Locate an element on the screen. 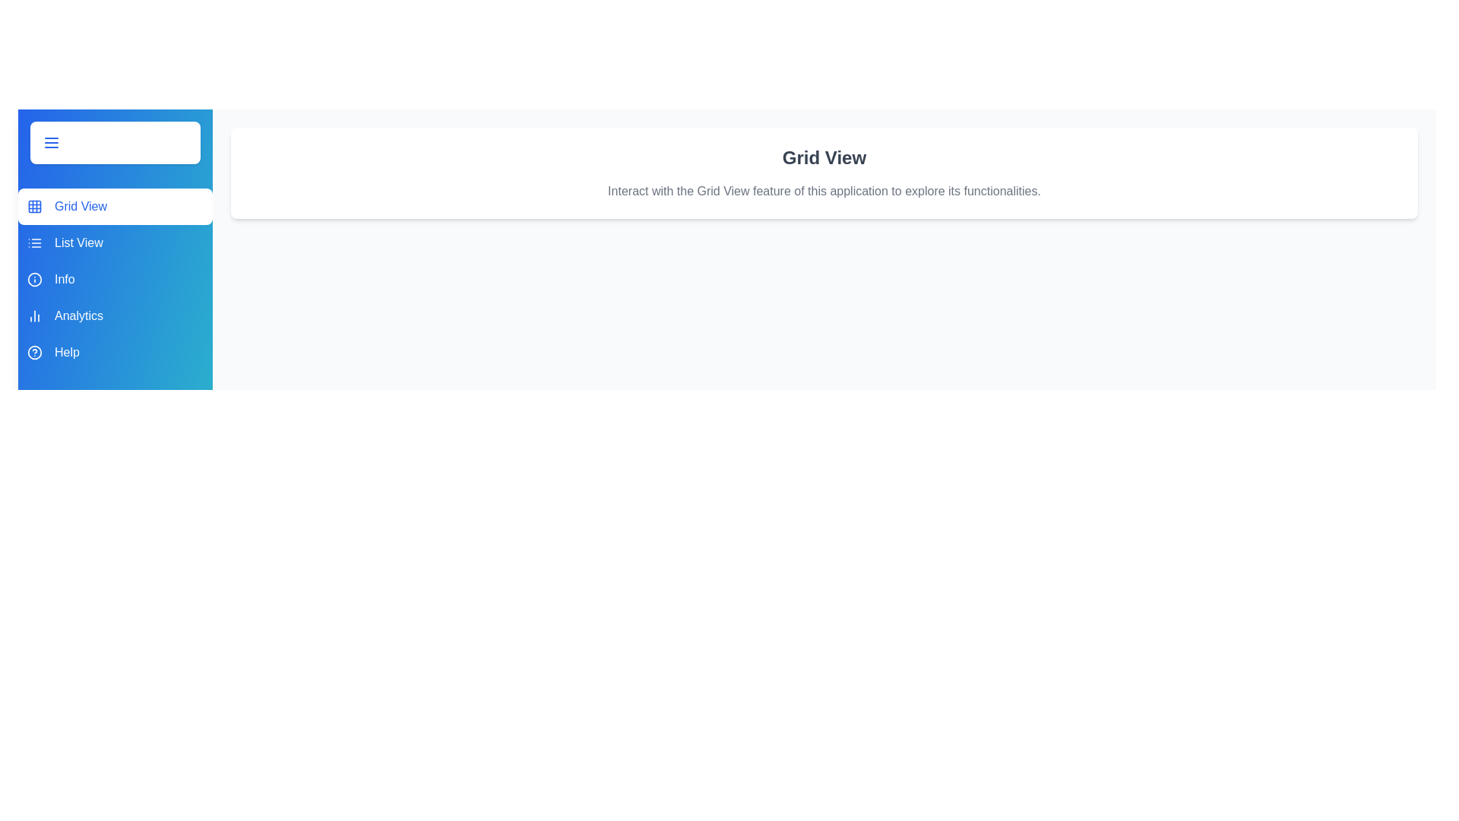 This screenshot has height=821, width=1459. toggle button to change the drawer's state is located at coordinates (115, 143).